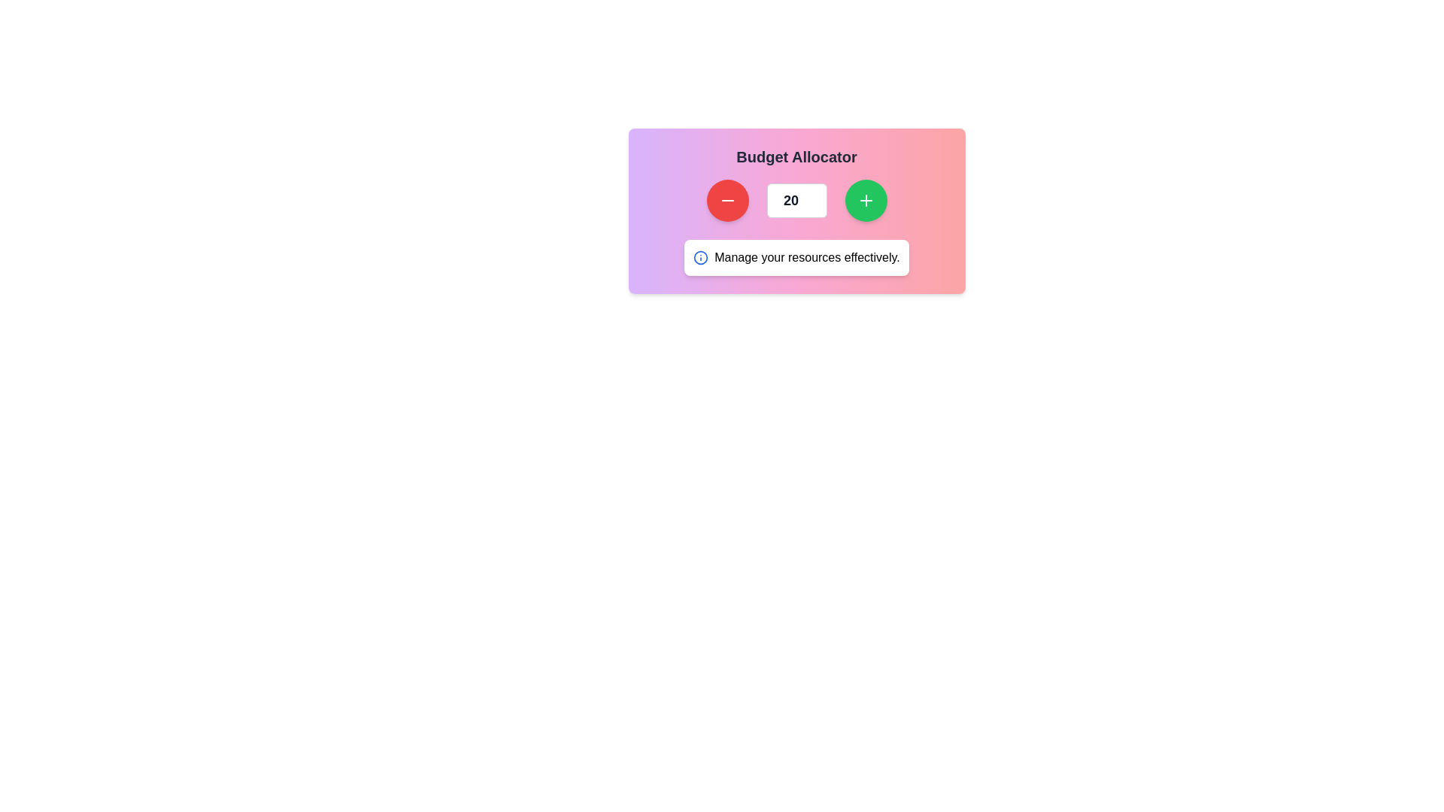  Describe the element at coordinates (866, 199) in the screenshot. I see `the green circular button with a white plus icon located at the top-right of the primary interface section` at that location.